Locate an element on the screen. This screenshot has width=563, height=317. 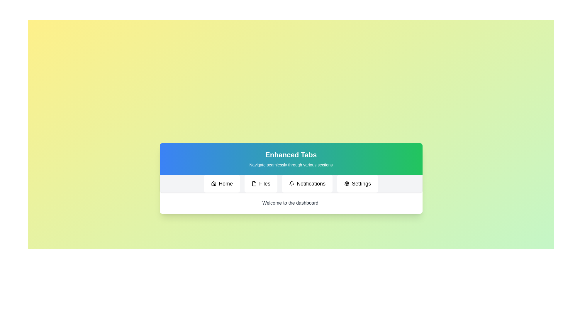
the 'Files' tab, which is the second tab from the left is located at coordinates (254, 183).